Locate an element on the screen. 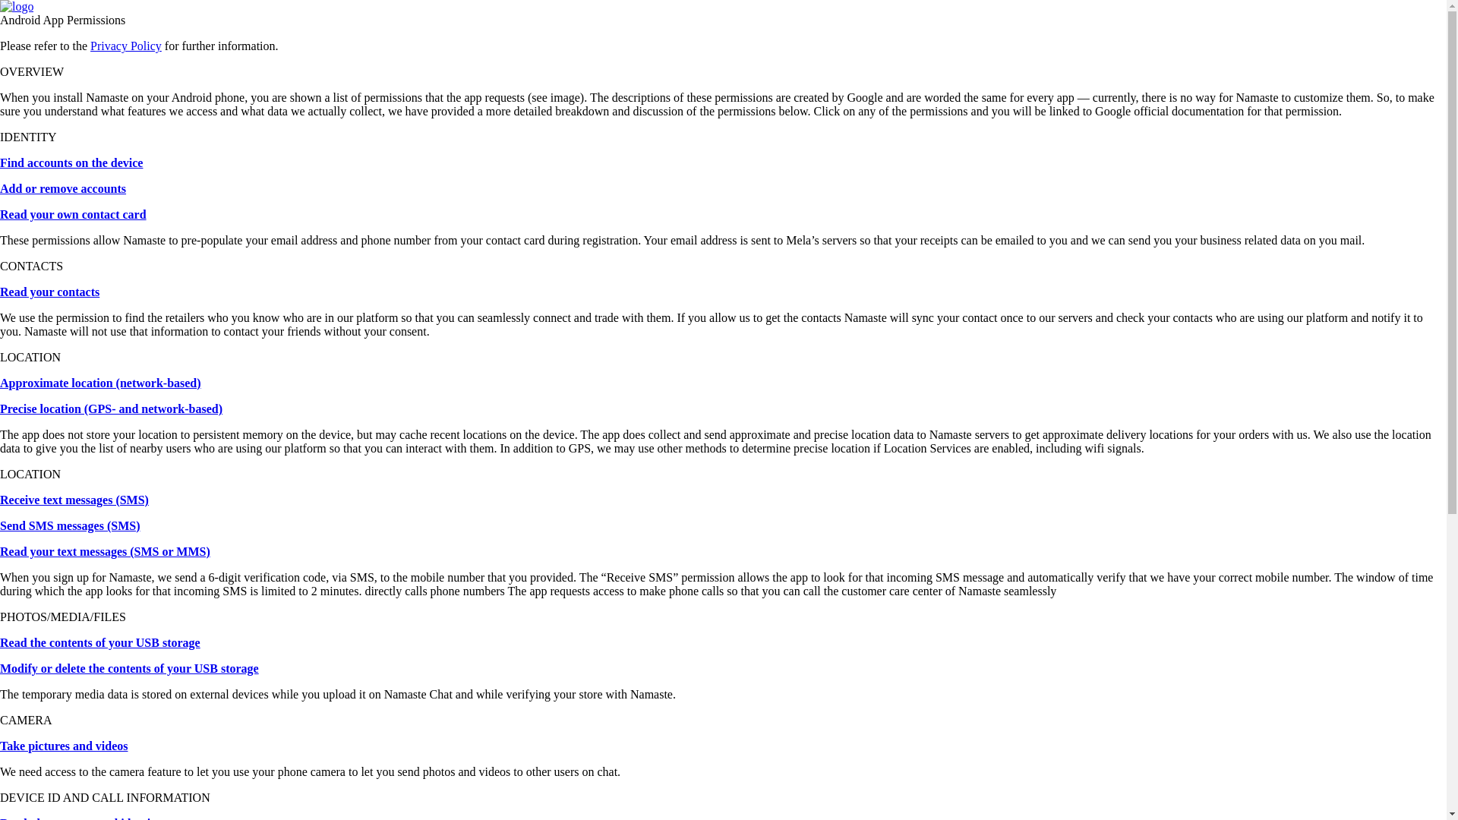  'Approximate location (network-based)' is located at coordinates (99, 382).